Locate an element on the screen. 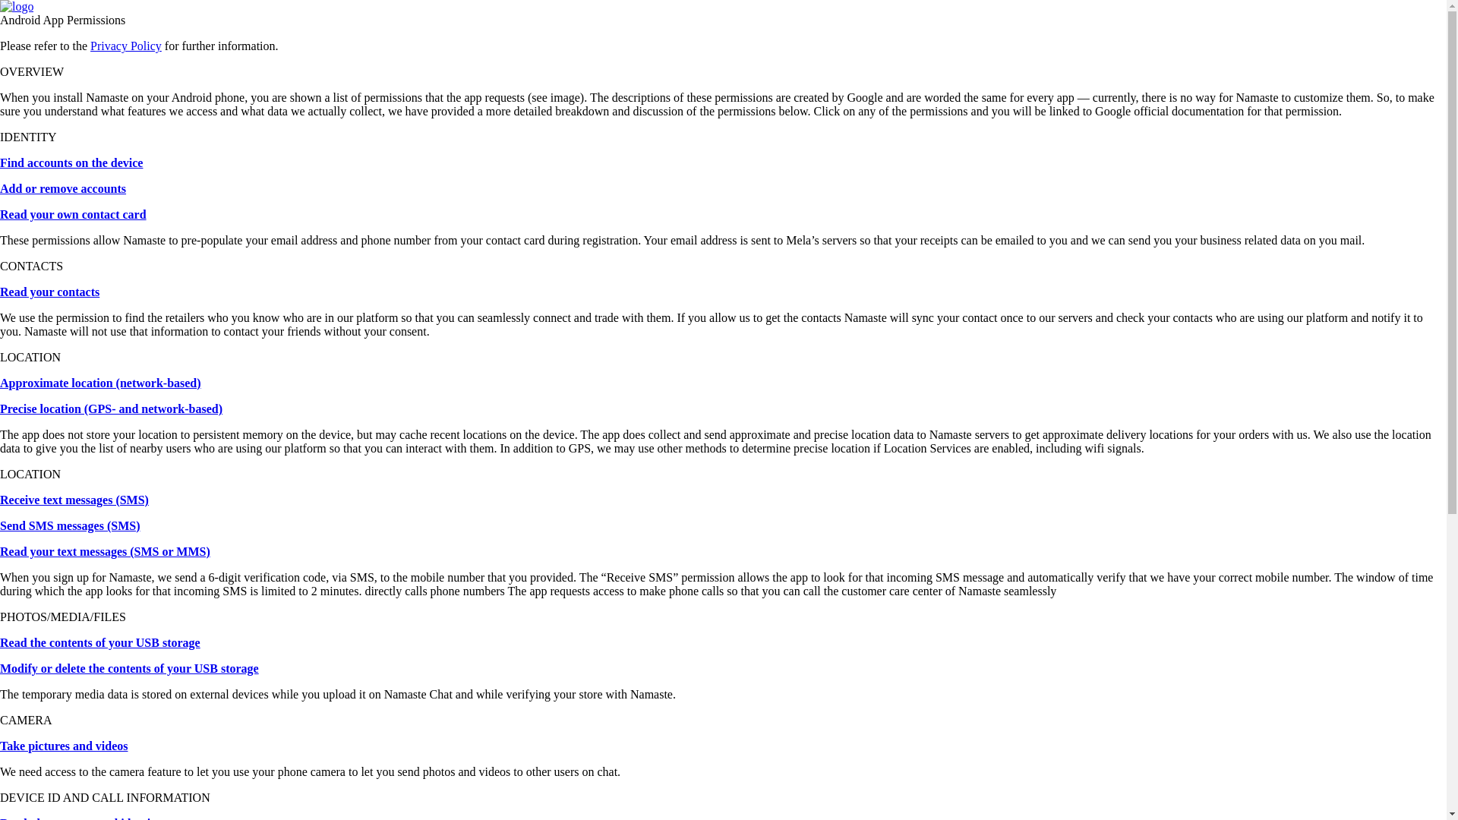  'Approximate location (network-based)' is located at coordinates (99, 382).